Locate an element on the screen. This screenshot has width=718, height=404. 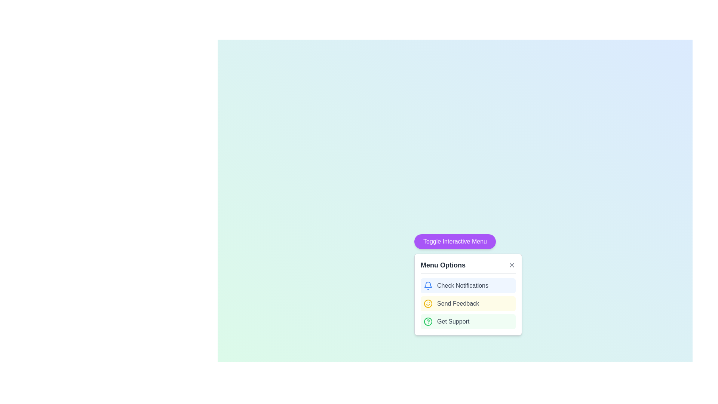
the decorative smiling face emoji icon located to the left of the 'Send Feedback' text in the second row of the menu options is located at coordinates (428, 304).